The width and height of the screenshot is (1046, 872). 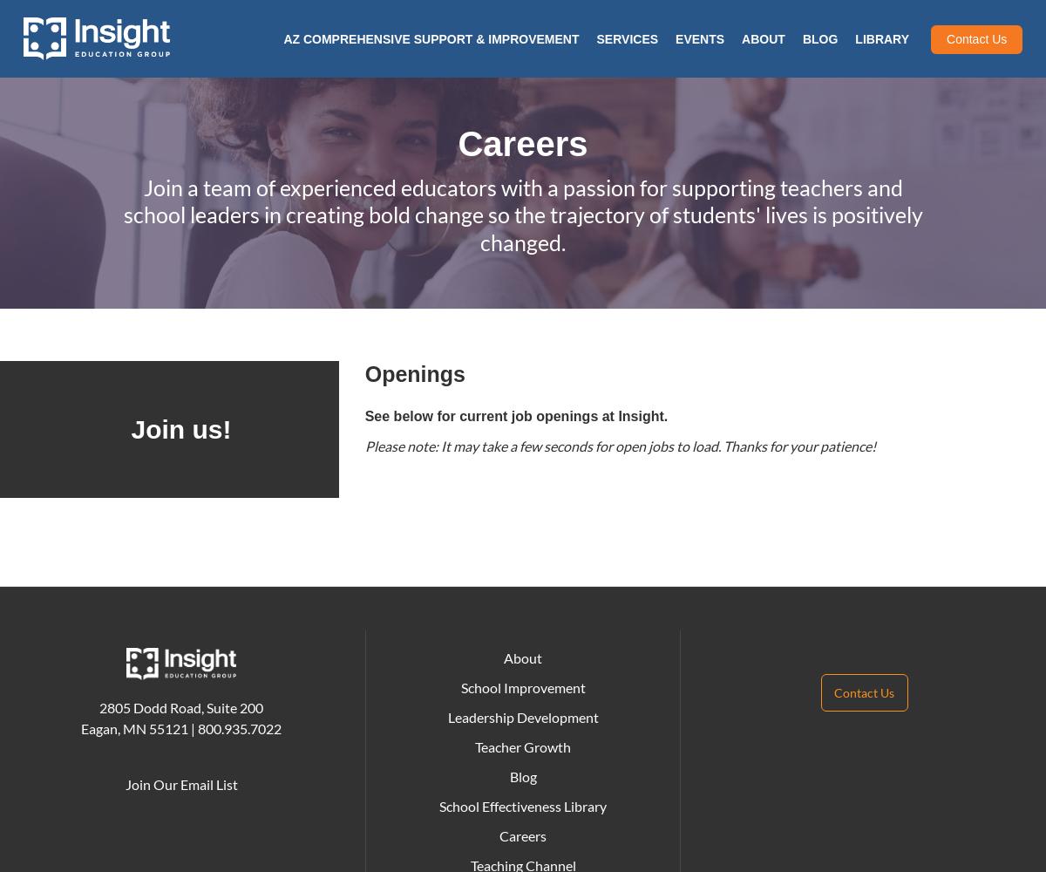 I want to click on 'About', so click(x=523, y=657).